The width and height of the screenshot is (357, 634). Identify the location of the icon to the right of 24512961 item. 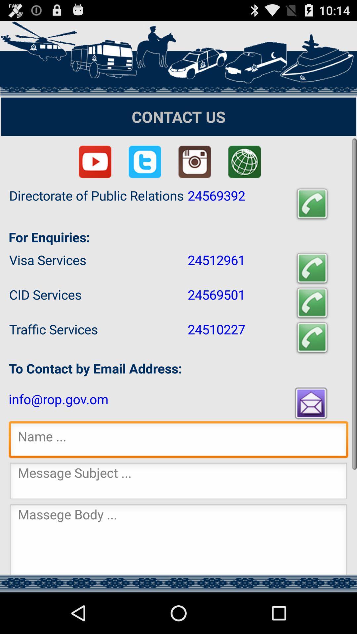
(312, 268).